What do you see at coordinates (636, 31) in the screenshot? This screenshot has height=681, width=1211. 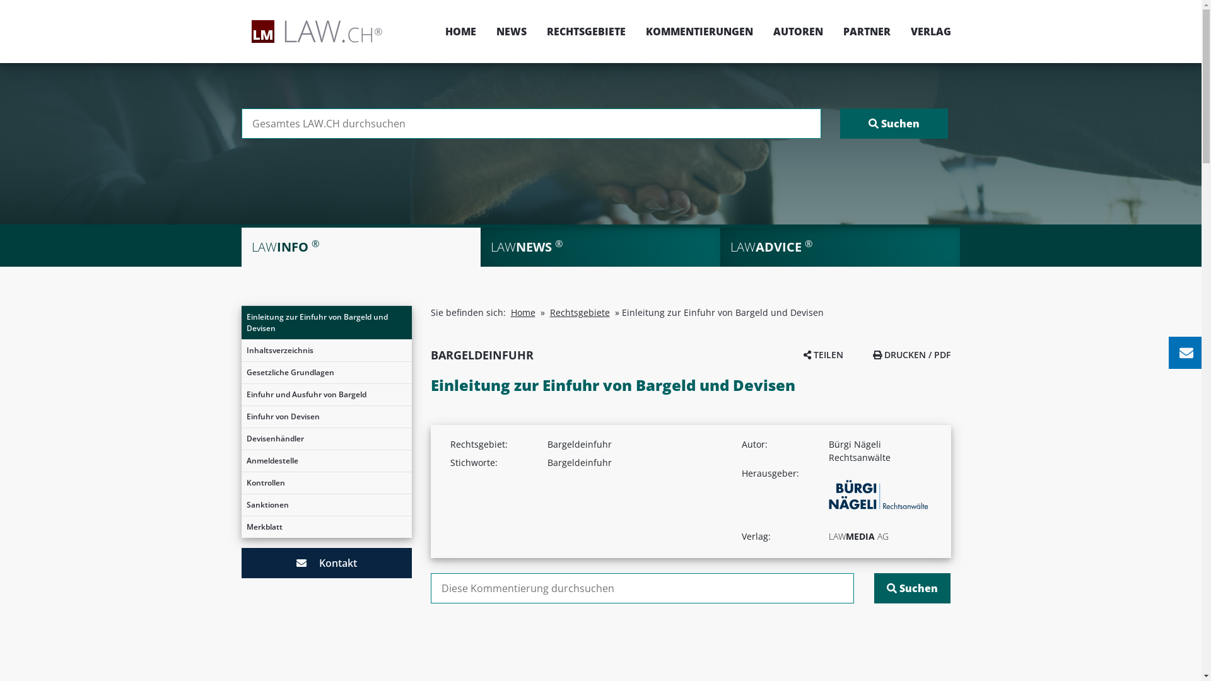 I see `'KOMMENTIERUNGEN'` at bounding box center [636, 31].